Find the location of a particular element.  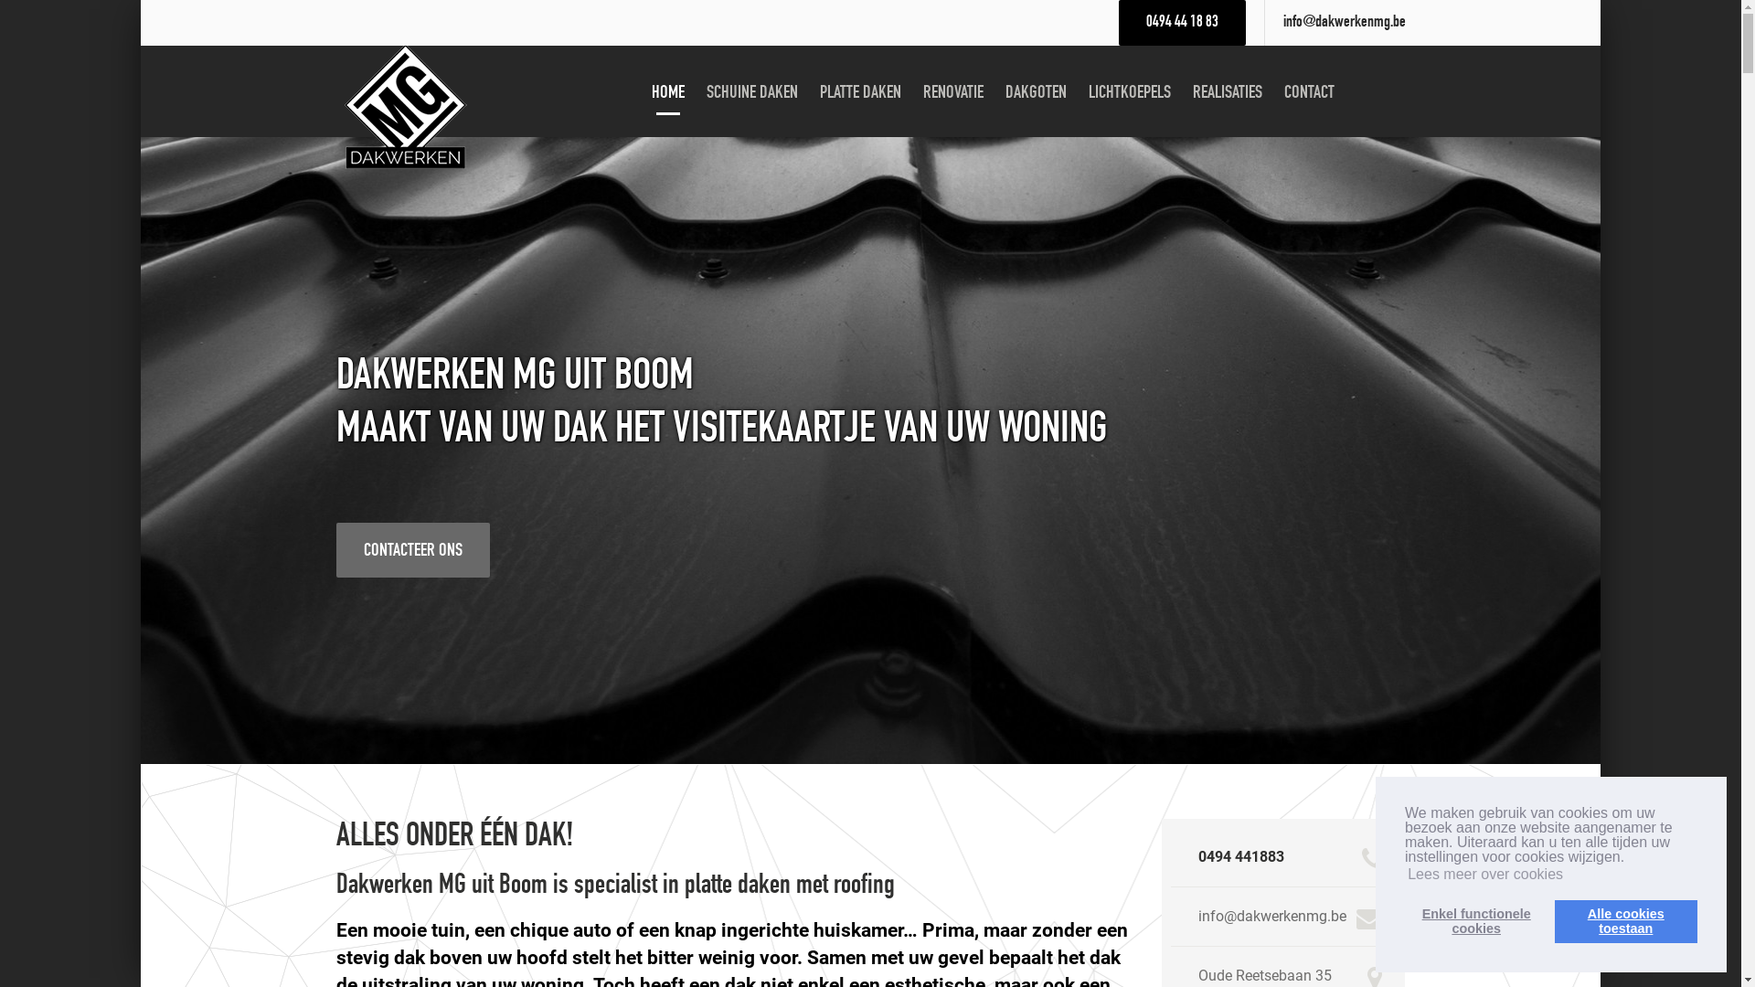

'RENOVATIE' is located at coordinates (952, 91).